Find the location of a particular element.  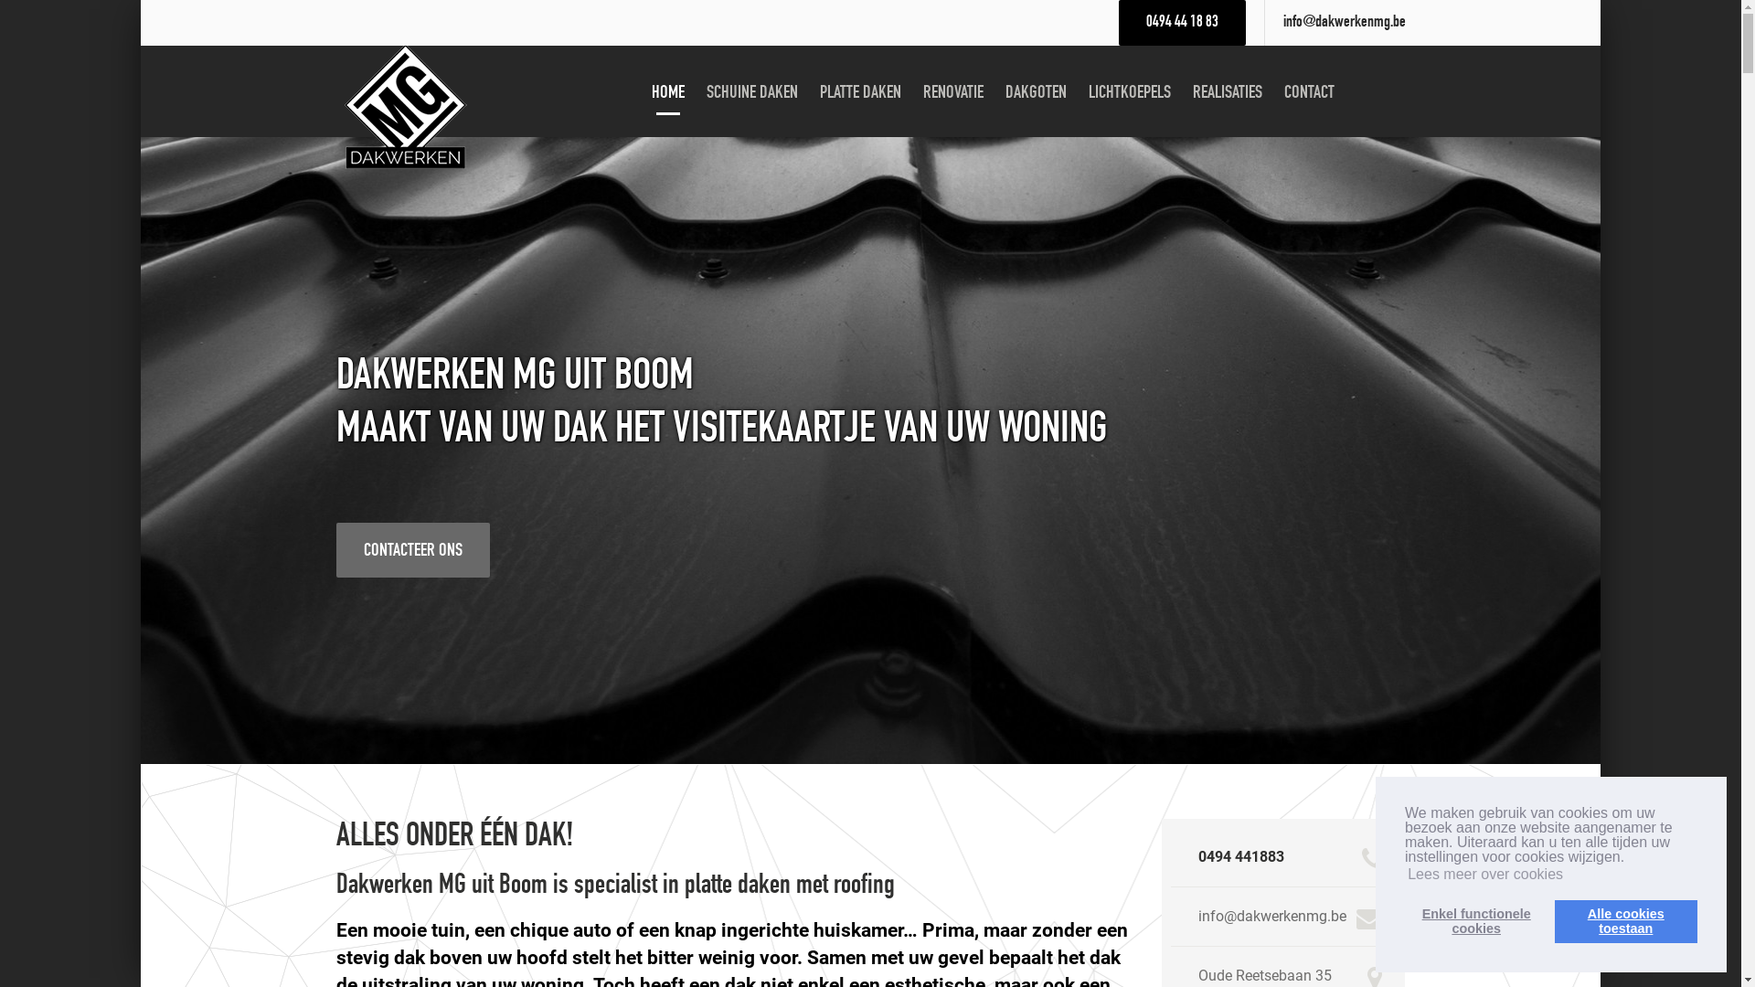

'RENOVATIE' is located at coordinates (952, 91).